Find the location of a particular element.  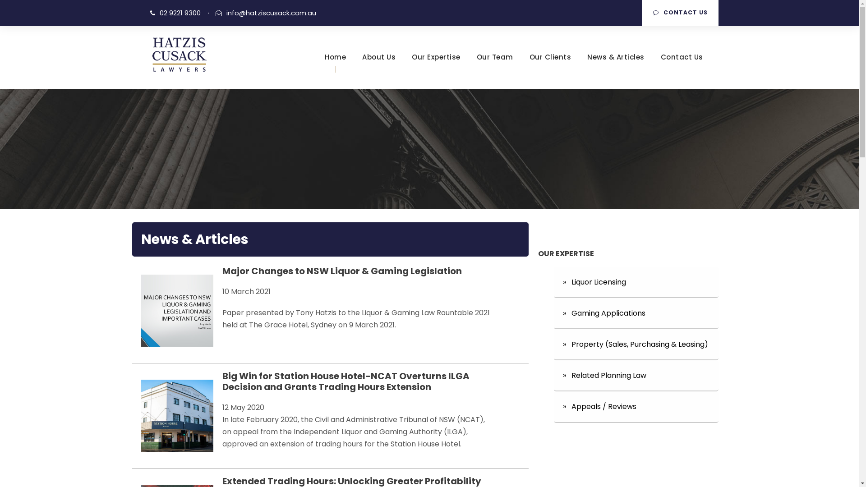

'info@hatziscusack.com.au' is located at coordinates (271, 13).